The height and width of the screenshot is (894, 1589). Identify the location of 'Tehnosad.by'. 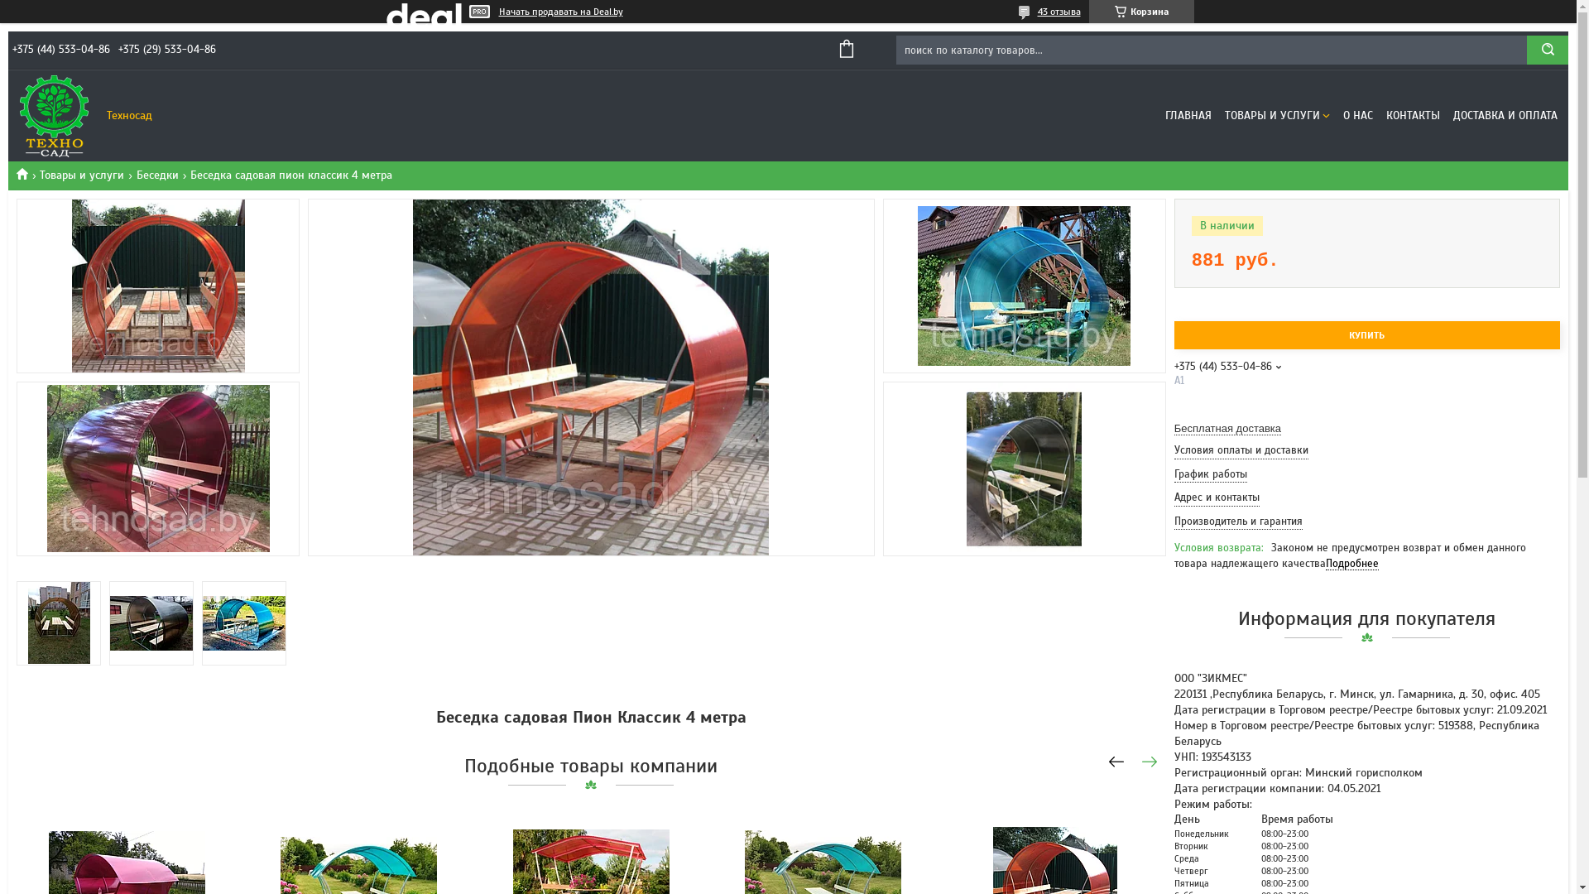
(54, 114).